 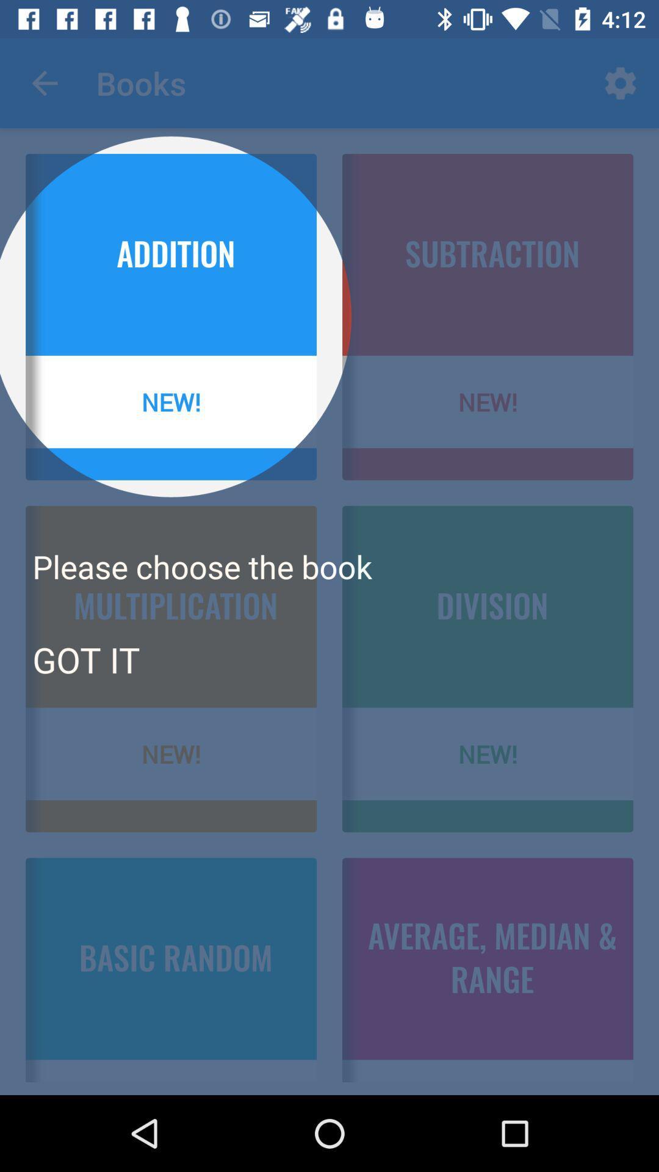 What do you see at coordinates (44, 82) in the screenshot?
I see `the item above the addition` at bounding box center [44, 82].